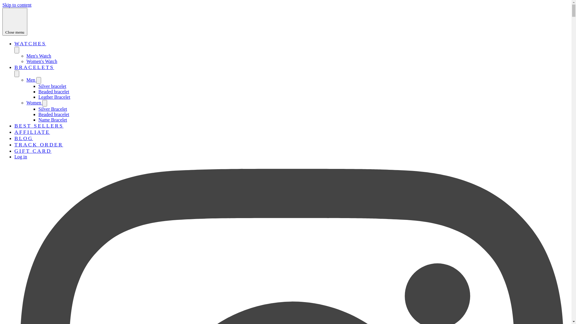 The image size is (576, 324). Describe the element at coordinates (34, 67) in the screenshot. I see `'BRACELETS'` at that location.